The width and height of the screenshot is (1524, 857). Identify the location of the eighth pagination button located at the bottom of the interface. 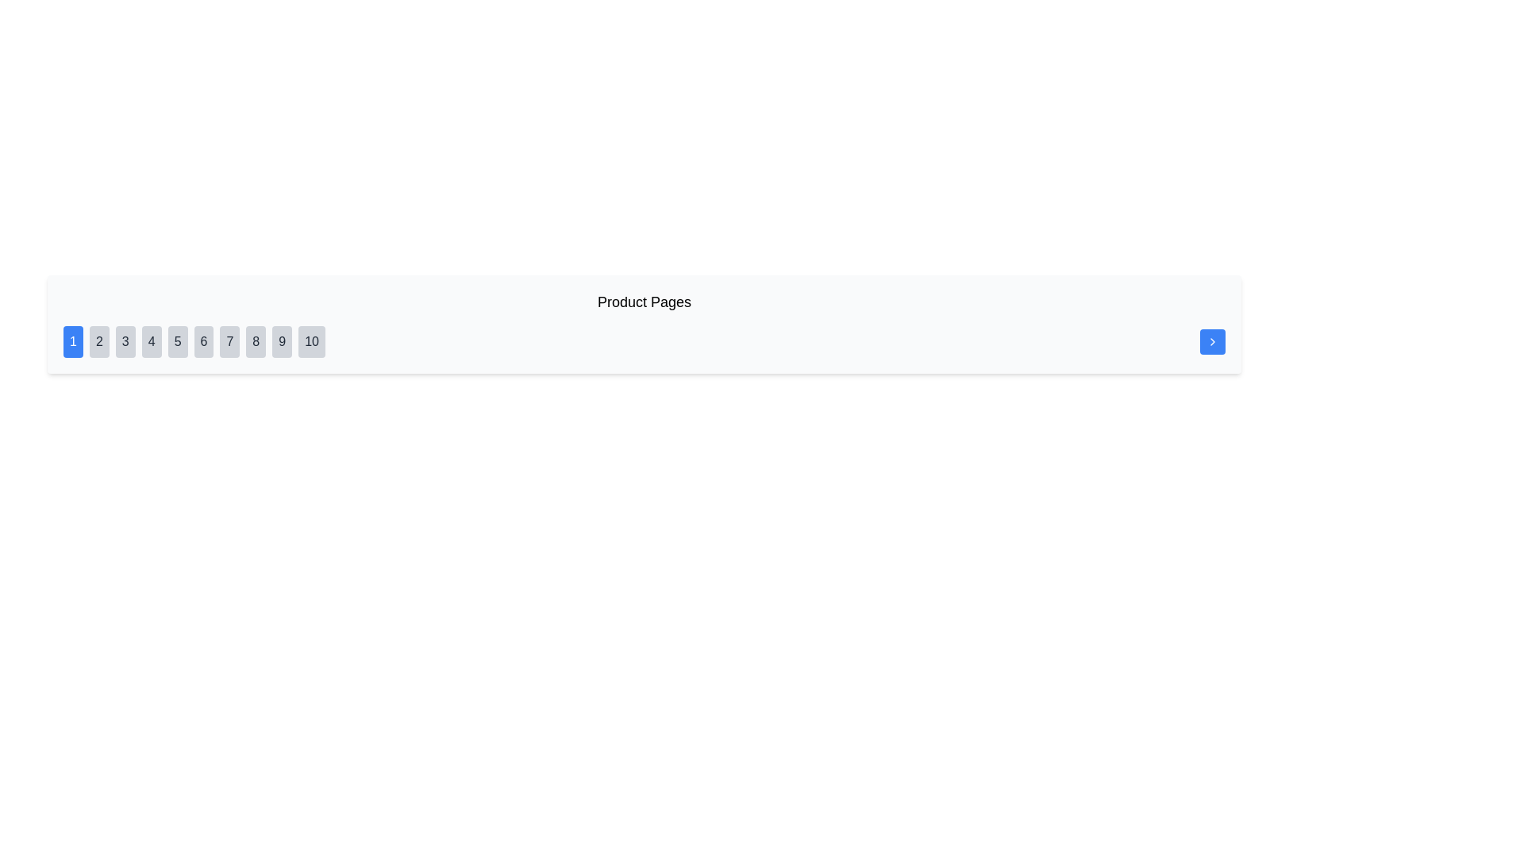
(256, 341).